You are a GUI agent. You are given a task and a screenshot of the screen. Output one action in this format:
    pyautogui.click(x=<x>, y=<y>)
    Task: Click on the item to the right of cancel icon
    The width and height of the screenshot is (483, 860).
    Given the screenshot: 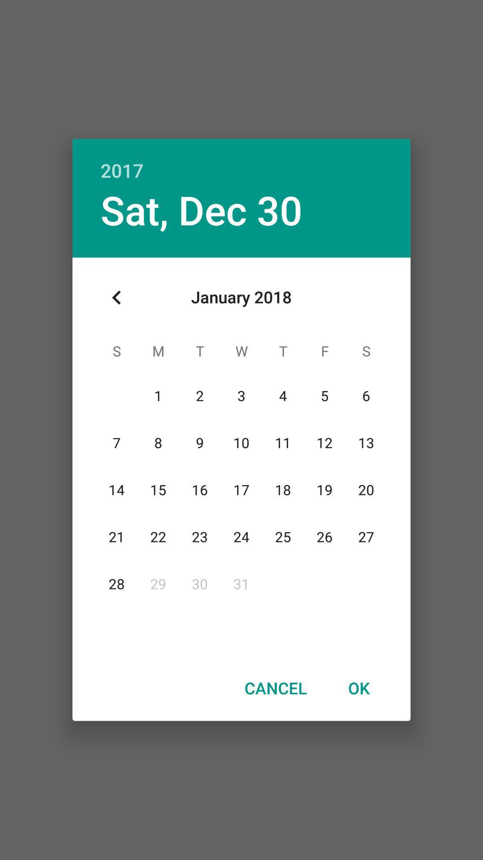 What is the action you would take?
    pyautogui.click(x=358, y=688)
    